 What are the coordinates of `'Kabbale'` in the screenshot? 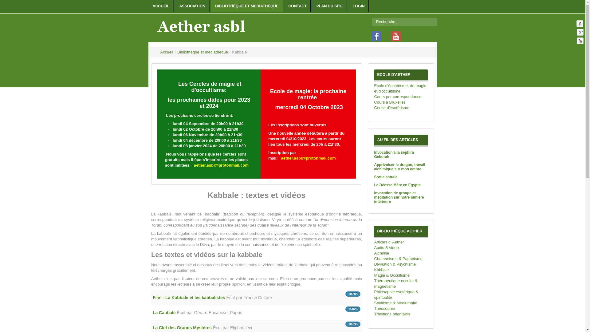 It's located at (401, 270).